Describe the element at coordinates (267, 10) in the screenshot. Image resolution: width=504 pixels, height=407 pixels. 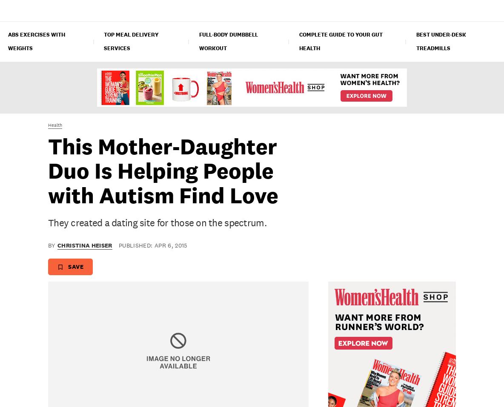
I see `'Relationships'` at that location.